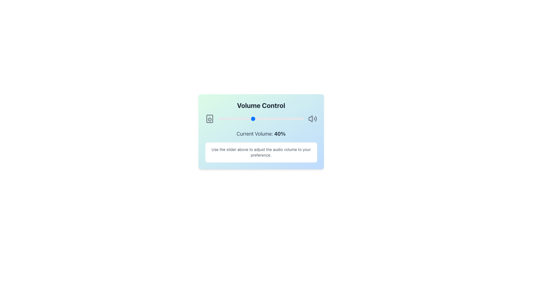 This screenshot has width=537, height=302. Describe the element at coordinates (209, 118) in the screenshot. I see `the decorative SVG element that is part of the speaker icon located in the top-left corner of the volume control interface to focus on it` at that location.